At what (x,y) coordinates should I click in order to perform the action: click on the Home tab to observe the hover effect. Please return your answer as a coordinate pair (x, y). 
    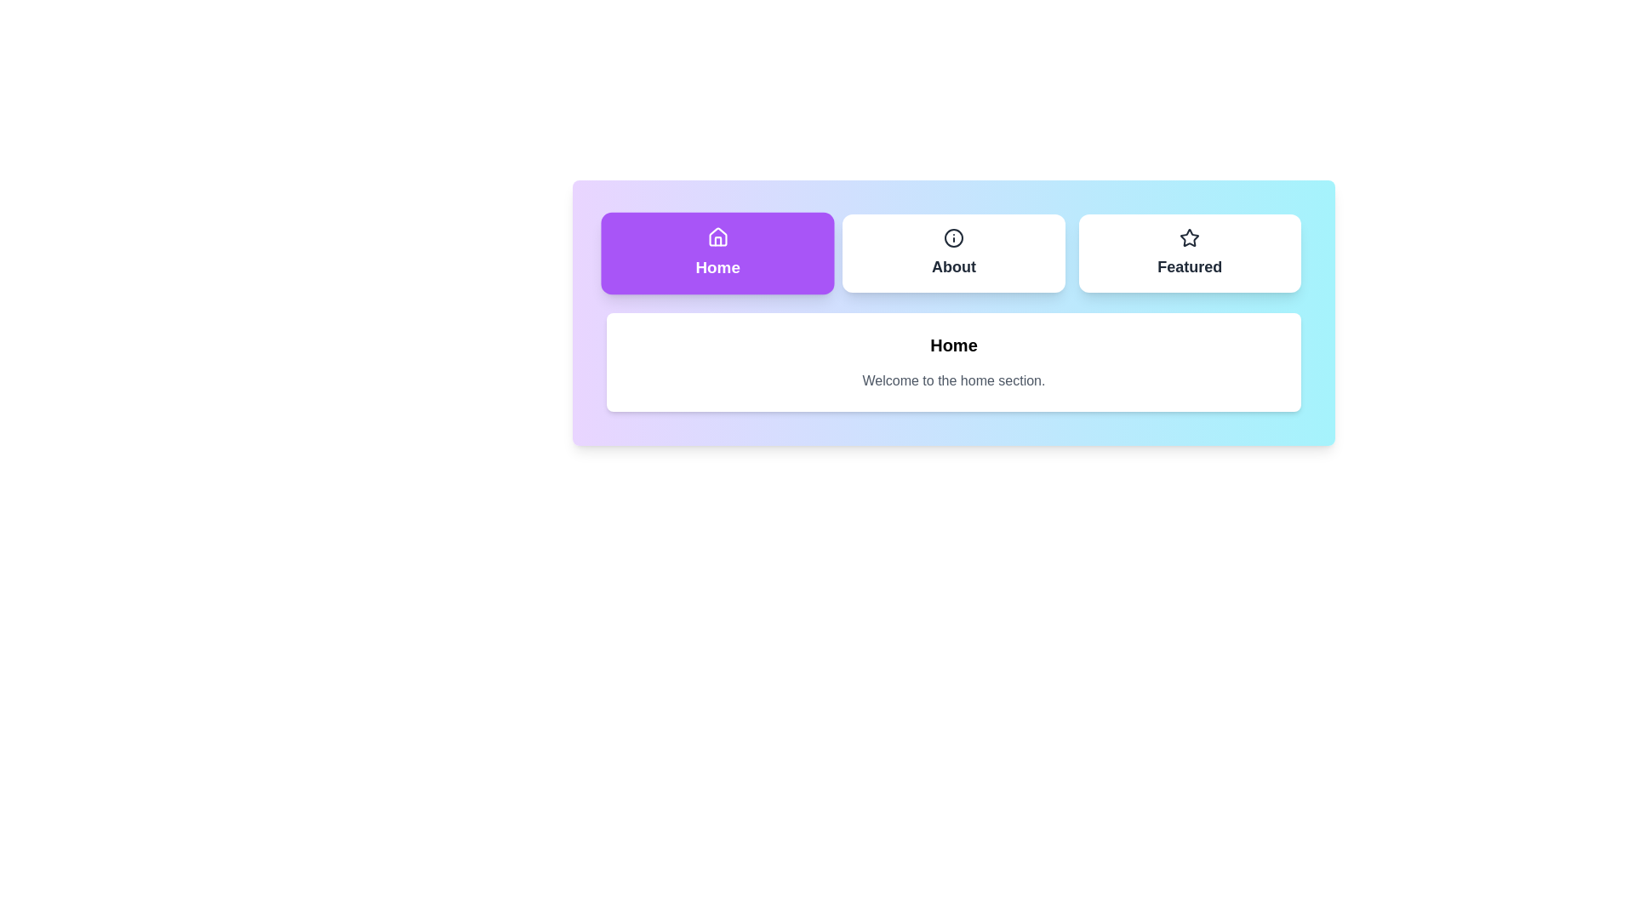
    Looking at the image, I should click on (717, 253).